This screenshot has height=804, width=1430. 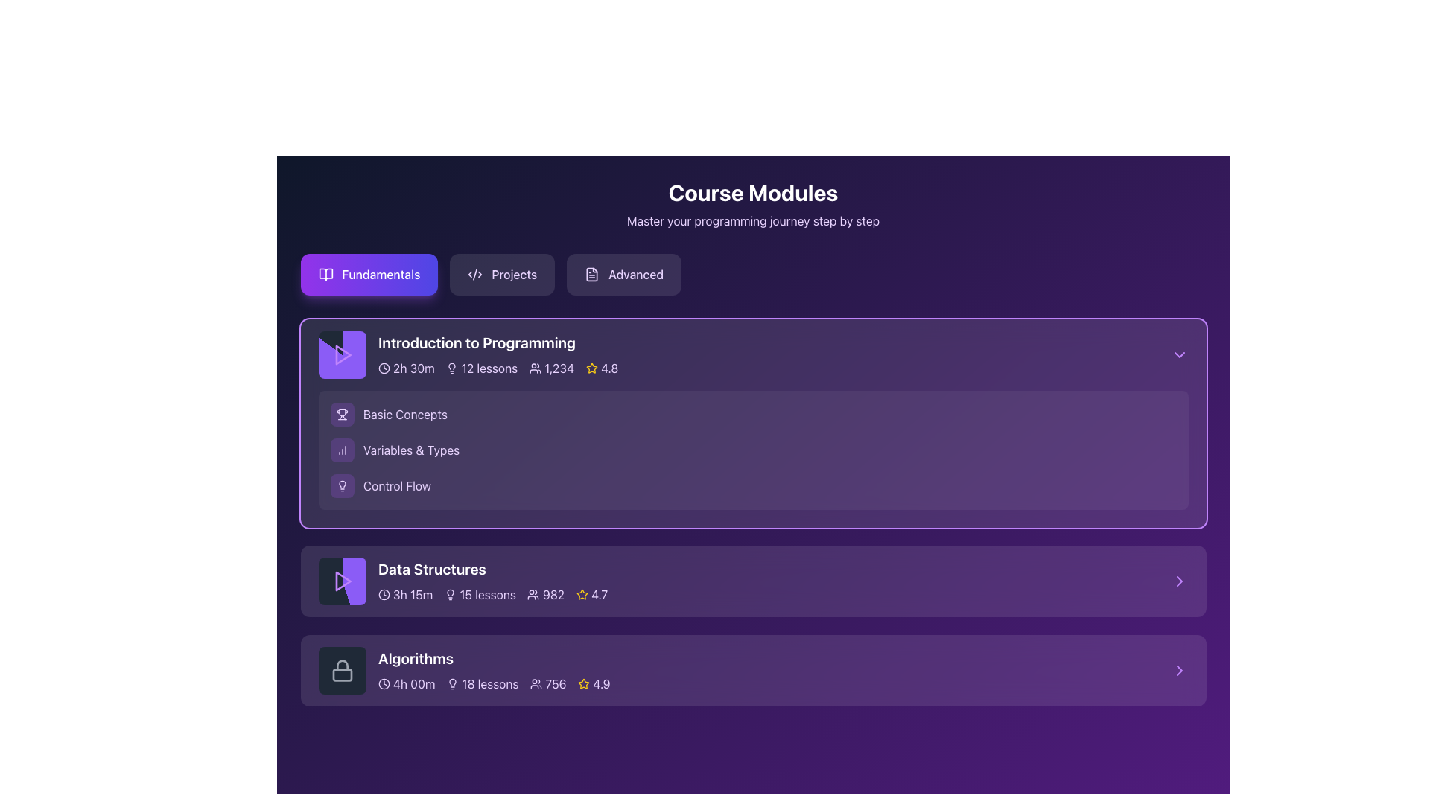 What do you see at coordinates (404, 414) in the screenshot?
I see `the 'Basic Concepts' text label, which is styled in light purple and is the first item in the list under the 'Introduction to Programming' module` at bounding box center [404, 414].